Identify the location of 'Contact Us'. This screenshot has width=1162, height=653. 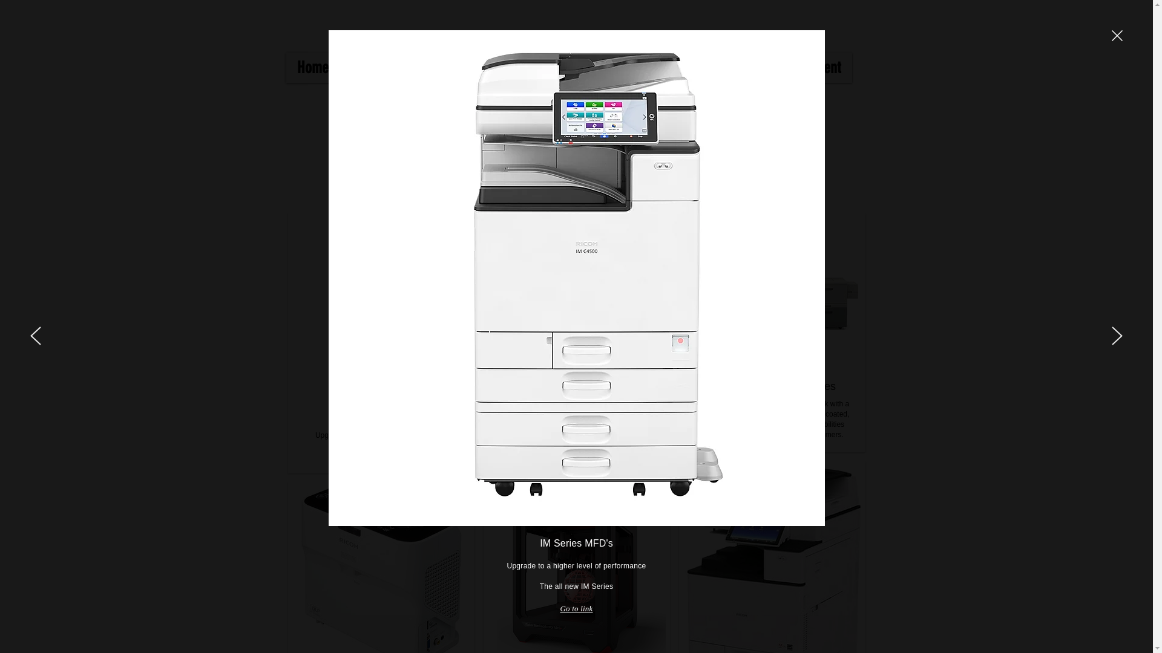
(615, 67).